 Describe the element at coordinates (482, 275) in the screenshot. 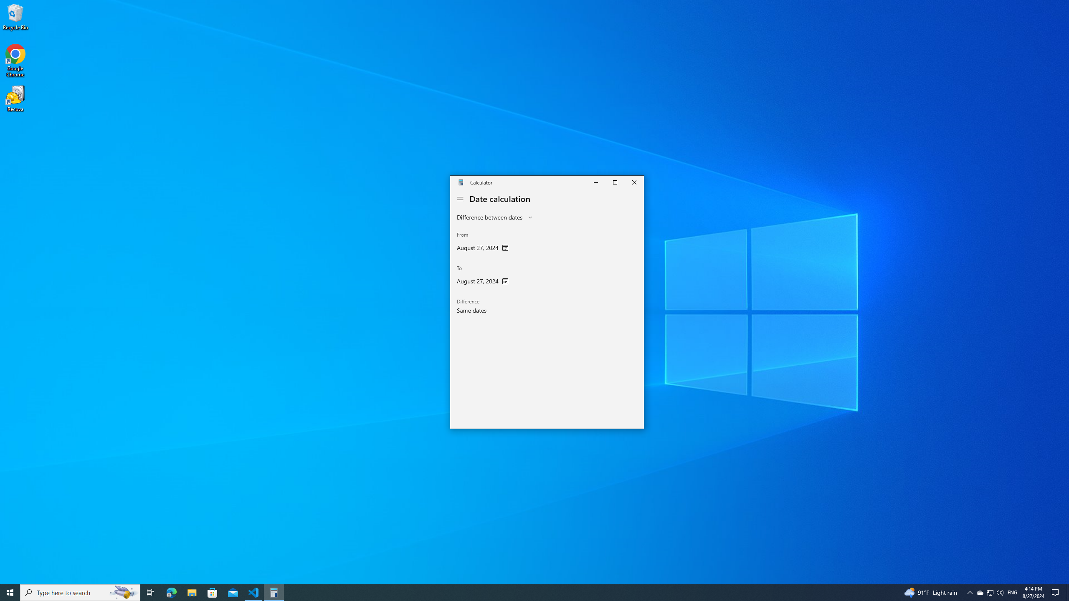

I see `'To'` at that location.